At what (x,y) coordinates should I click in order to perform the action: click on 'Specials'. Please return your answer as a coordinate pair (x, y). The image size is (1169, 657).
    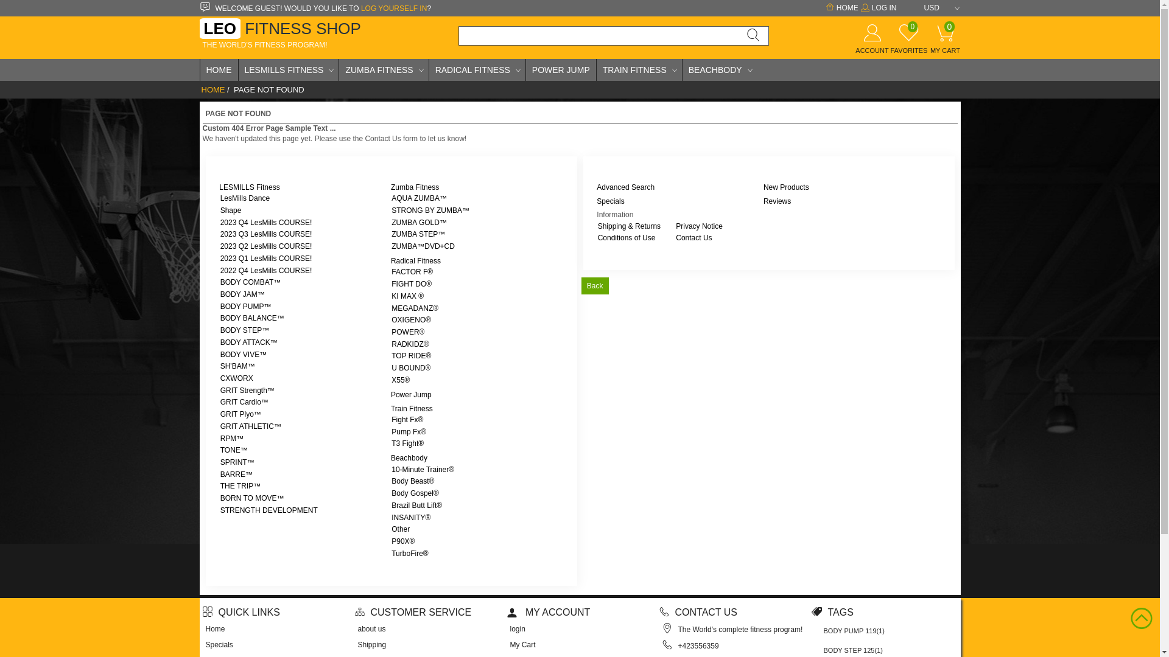
    Looking at the image, I should click on (219, 644).